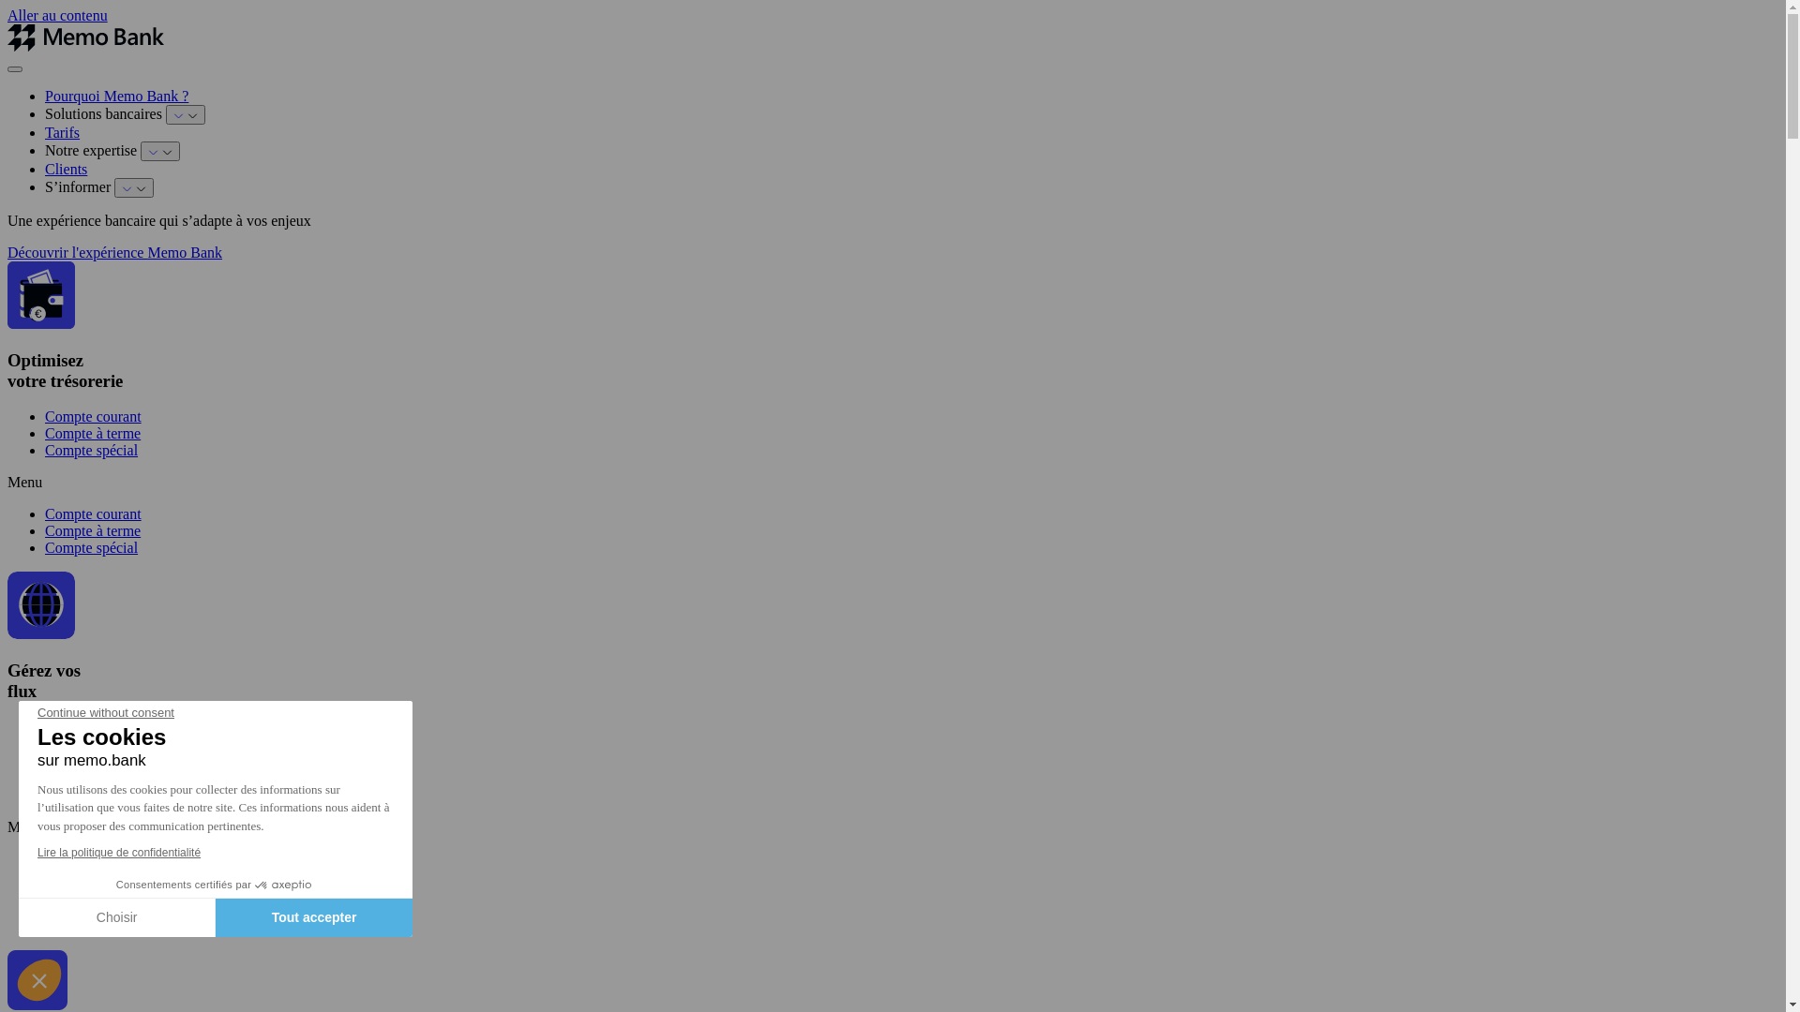 The height and width of the screenshot is (1012, 1800). Describe the element at coordinates (57, 15) in the screenshot. I see `'Aller au contenu'` at that location.